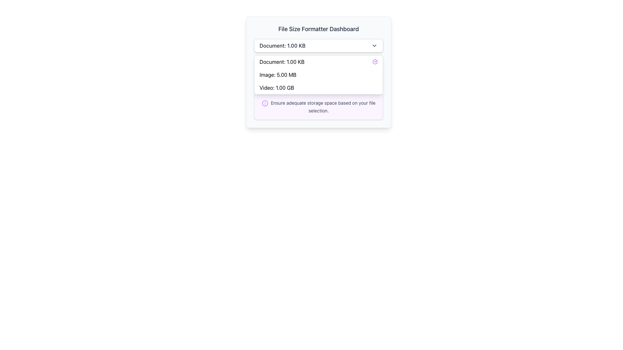 This screenshot has height=350, width=623. Describe the element at coordinates (291, 76) in the screenshot. I see `the static text label displaying 'Document: 1.00 KB', which is styled in small font and is positioned below 'Selected File'` at that location.